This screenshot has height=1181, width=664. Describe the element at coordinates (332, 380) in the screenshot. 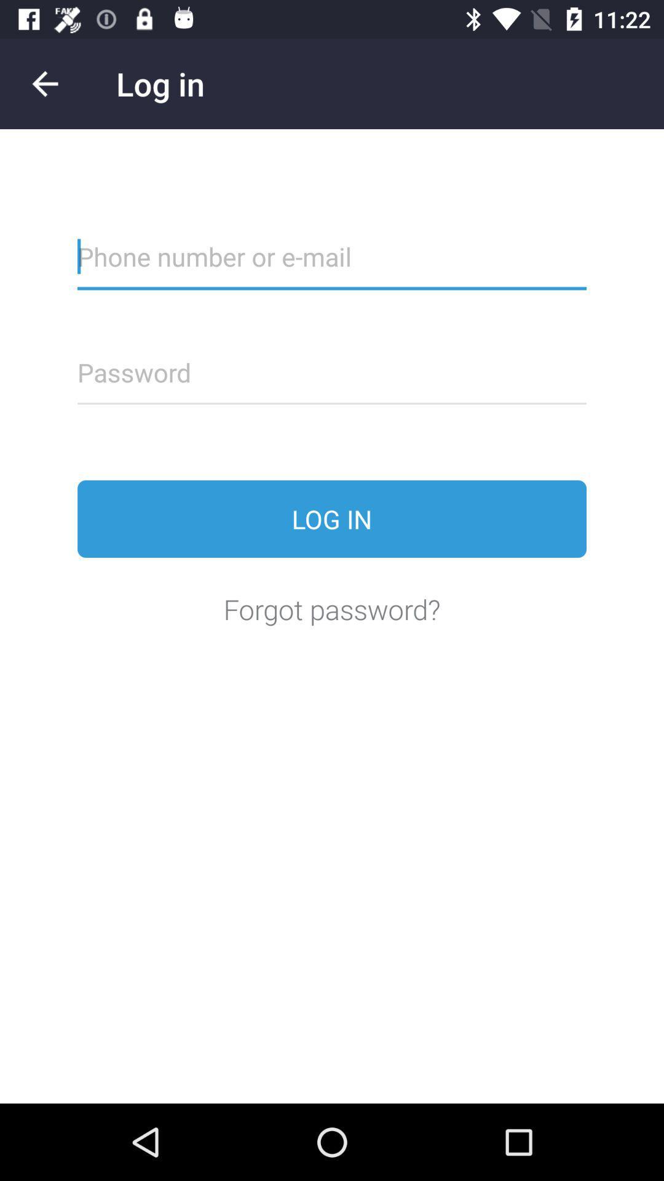

I see `password box` at that location.